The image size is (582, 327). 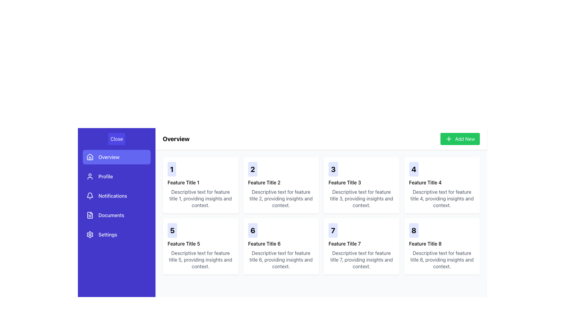 I want to click on the 'Profile' text label in the vertical navigation menu, which is styled in white on a blue background and is positioned between the 'Overview' button and 'Notifications' option, so click(x=105, y=176).